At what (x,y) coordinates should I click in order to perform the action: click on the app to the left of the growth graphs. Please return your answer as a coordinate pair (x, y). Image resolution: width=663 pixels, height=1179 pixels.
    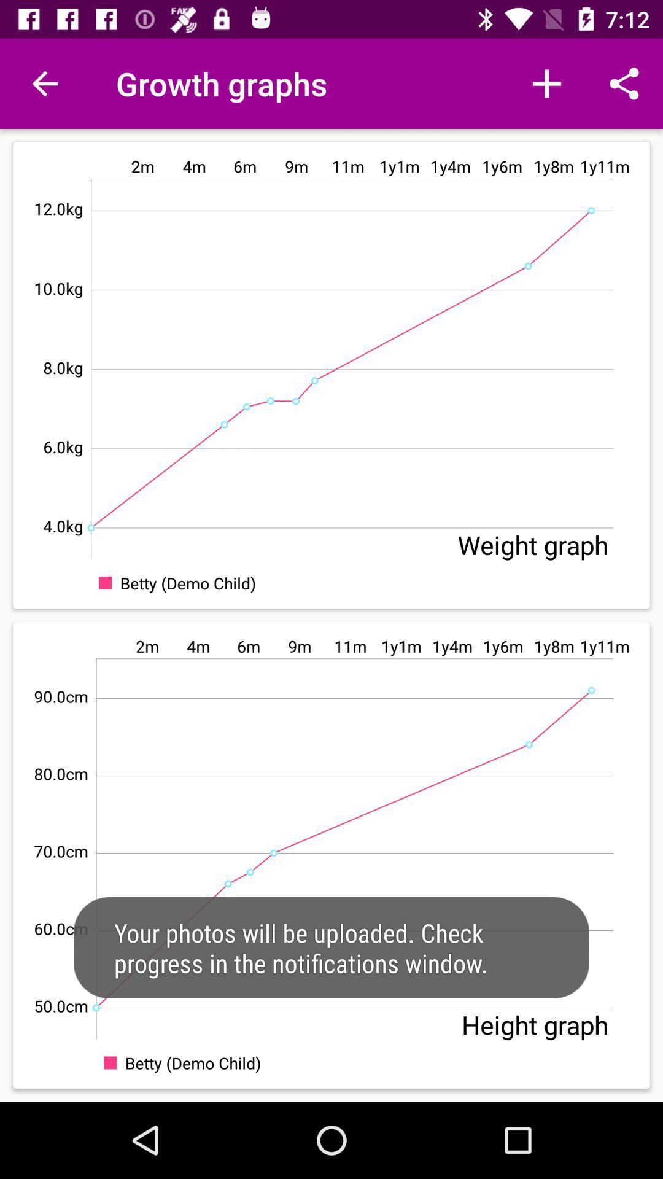
    Looking at the image, I should click on (44, 83).